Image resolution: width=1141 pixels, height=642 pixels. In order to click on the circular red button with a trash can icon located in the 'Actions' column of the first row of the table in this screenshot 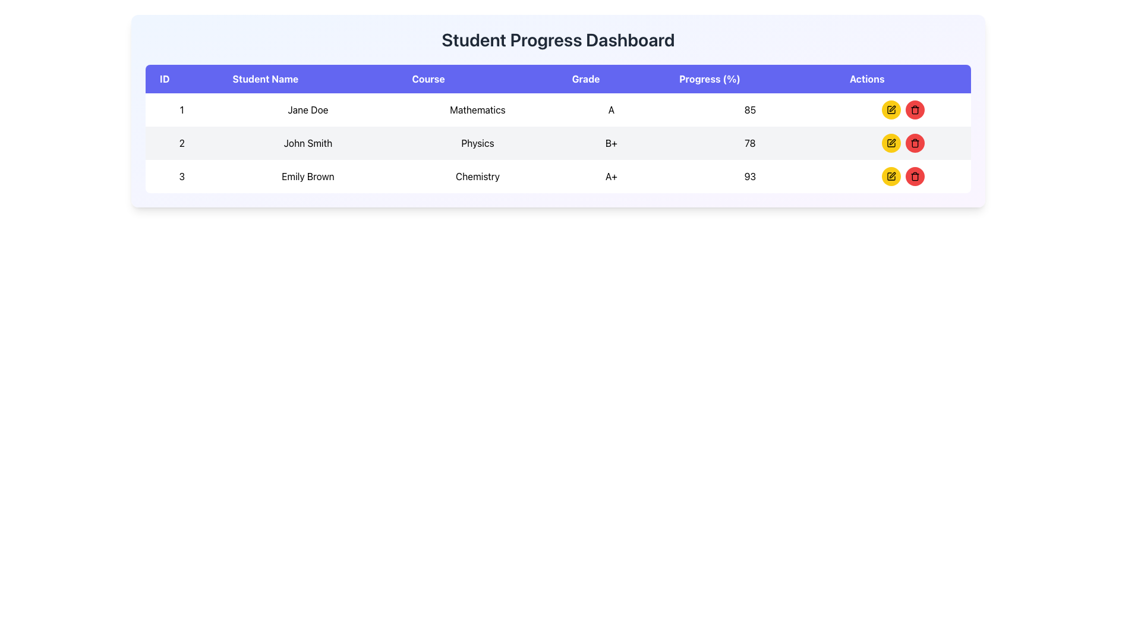, I will do `click(914, 110)`.